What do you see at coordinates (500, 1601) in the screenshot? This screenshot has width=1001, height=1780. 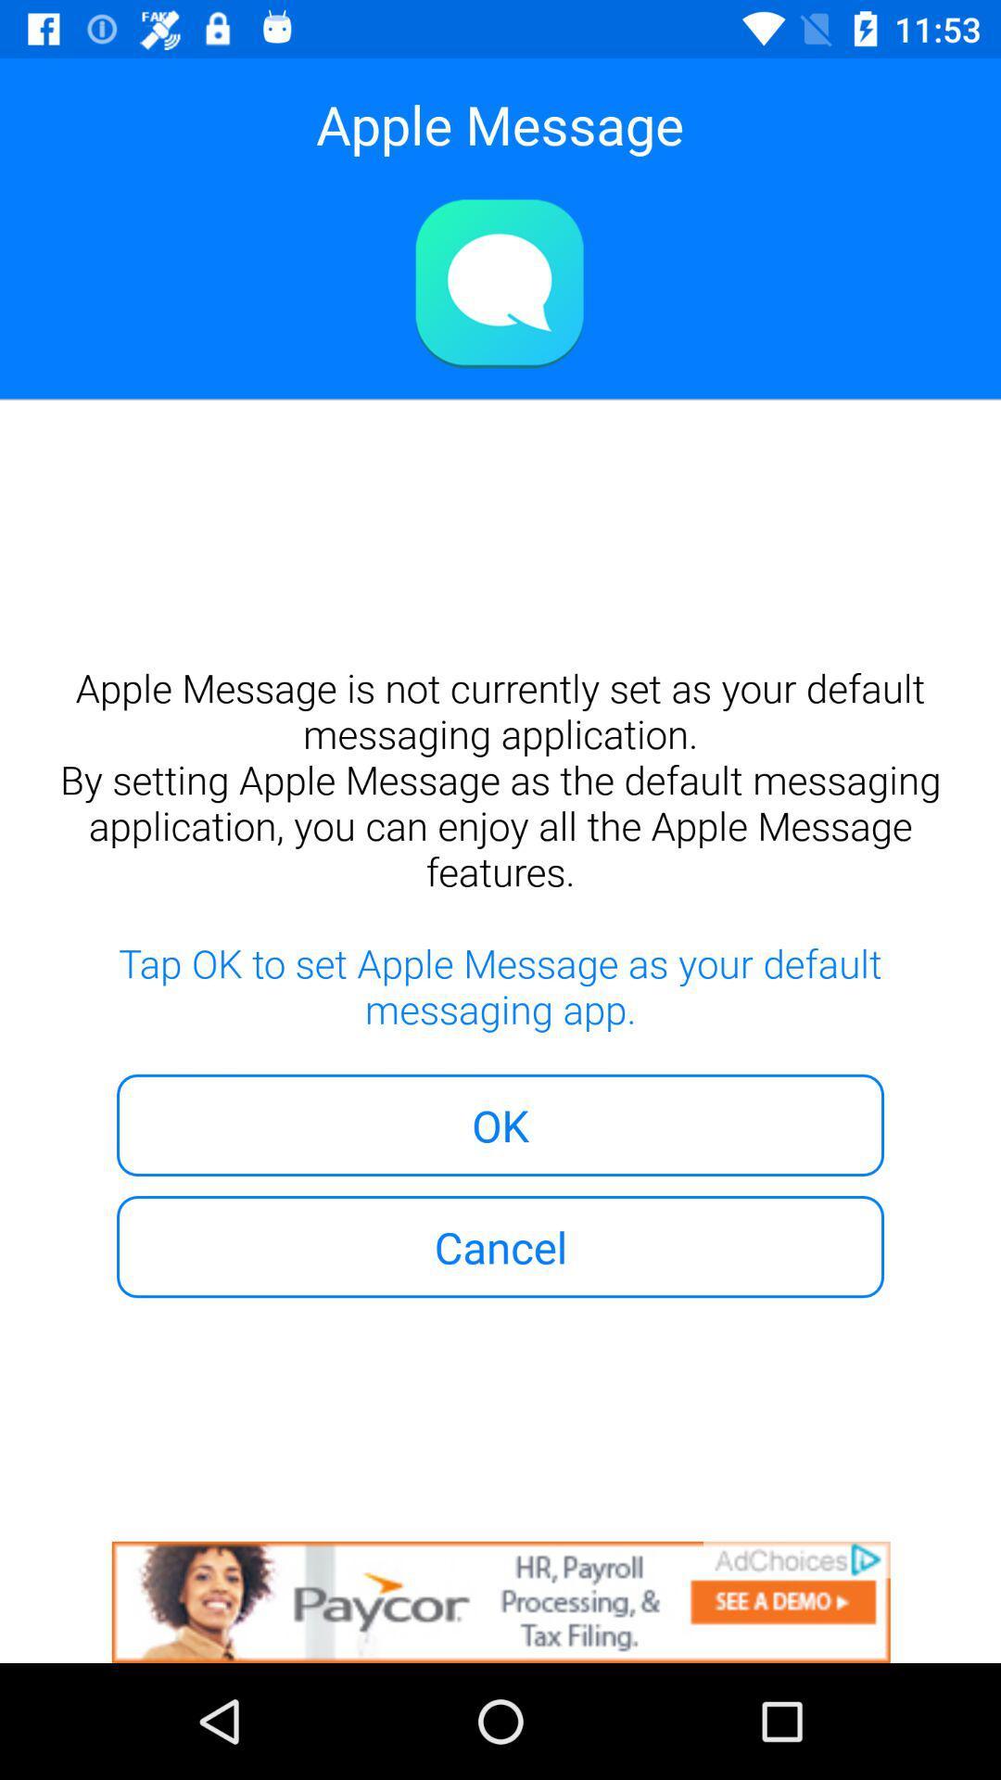 I see `the button is used to advertisement option` at bounding box center [500, 1601].